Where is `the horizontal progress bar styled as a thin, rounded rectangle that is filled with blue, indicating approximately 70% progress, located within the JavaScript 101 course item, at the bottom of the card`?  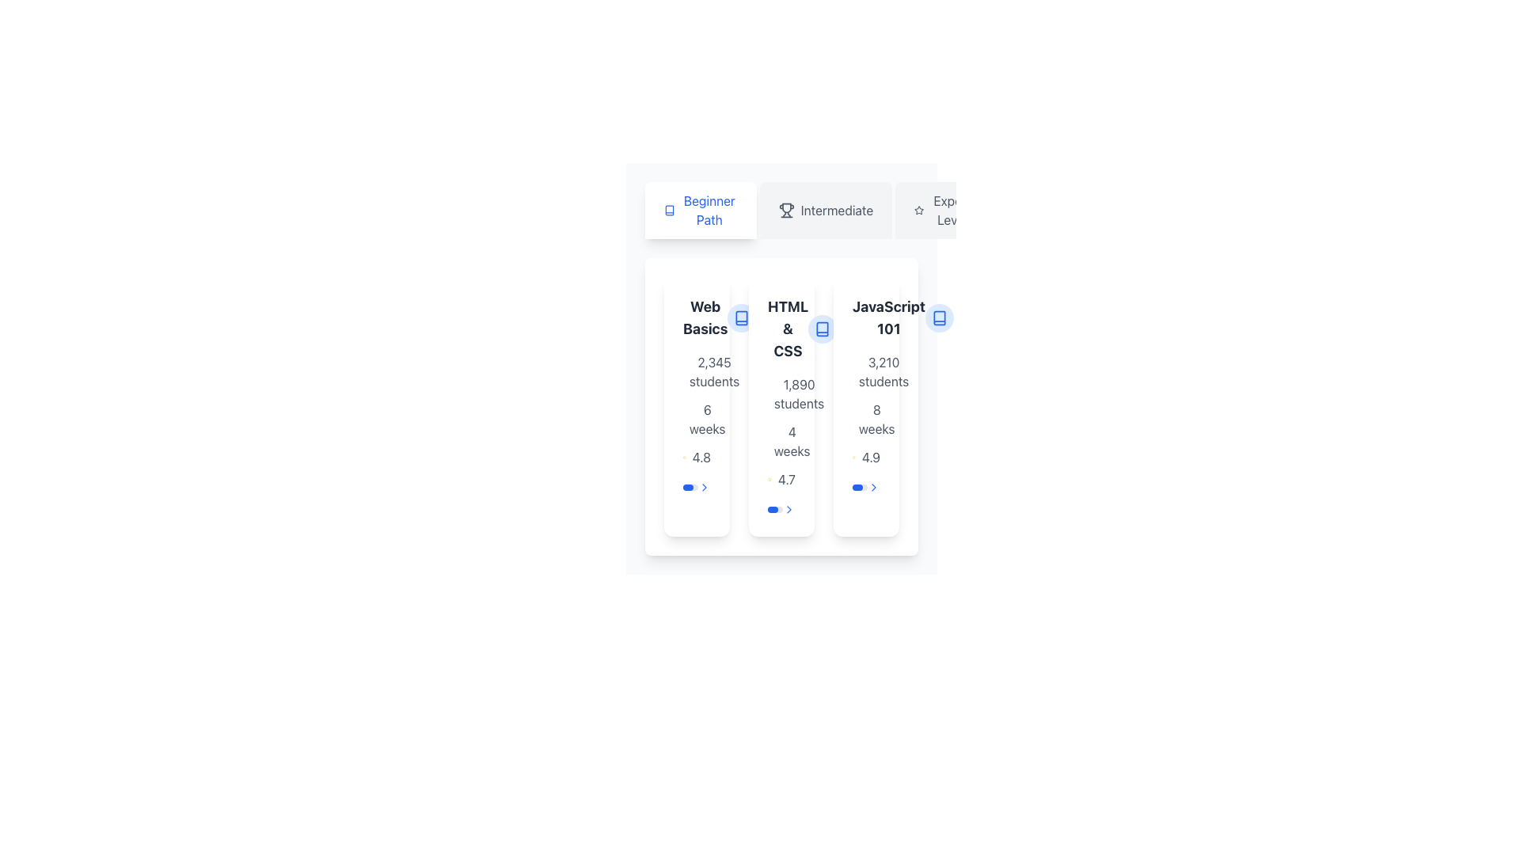
the horizontal progress bar styled as a thin, rounded rectangle that is filled with blue, indicating approximately 70% progress, located within the JavaScript 101 course item, at the bottom of the card is located at coordinates (859, 487).